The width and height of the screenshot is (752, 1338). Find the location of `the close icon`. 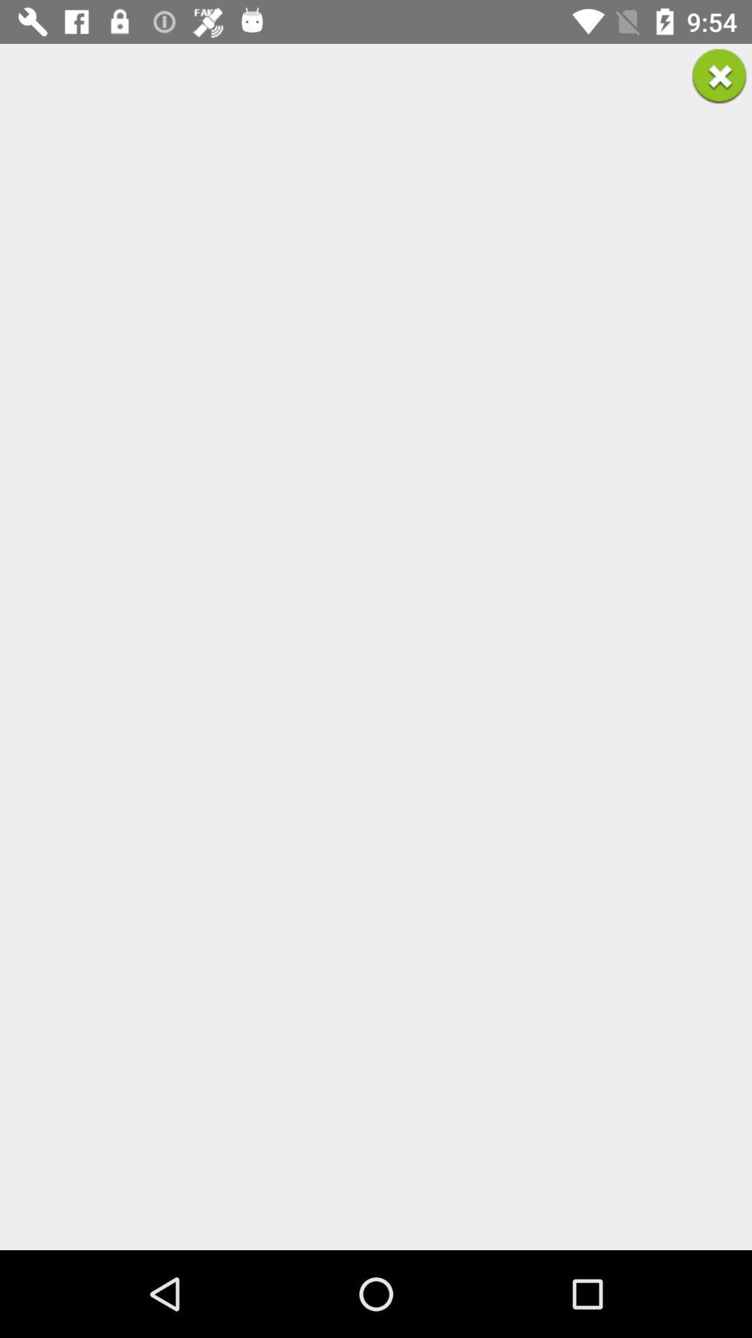

the close icon is located at coordinates (719, 75).